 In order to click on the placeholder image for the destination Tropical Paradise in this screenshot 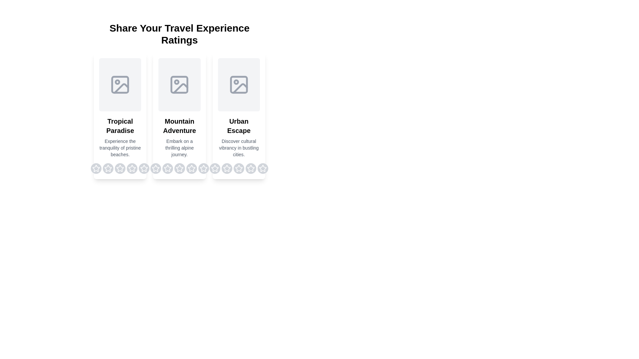, I will do `click(120, 84)`.